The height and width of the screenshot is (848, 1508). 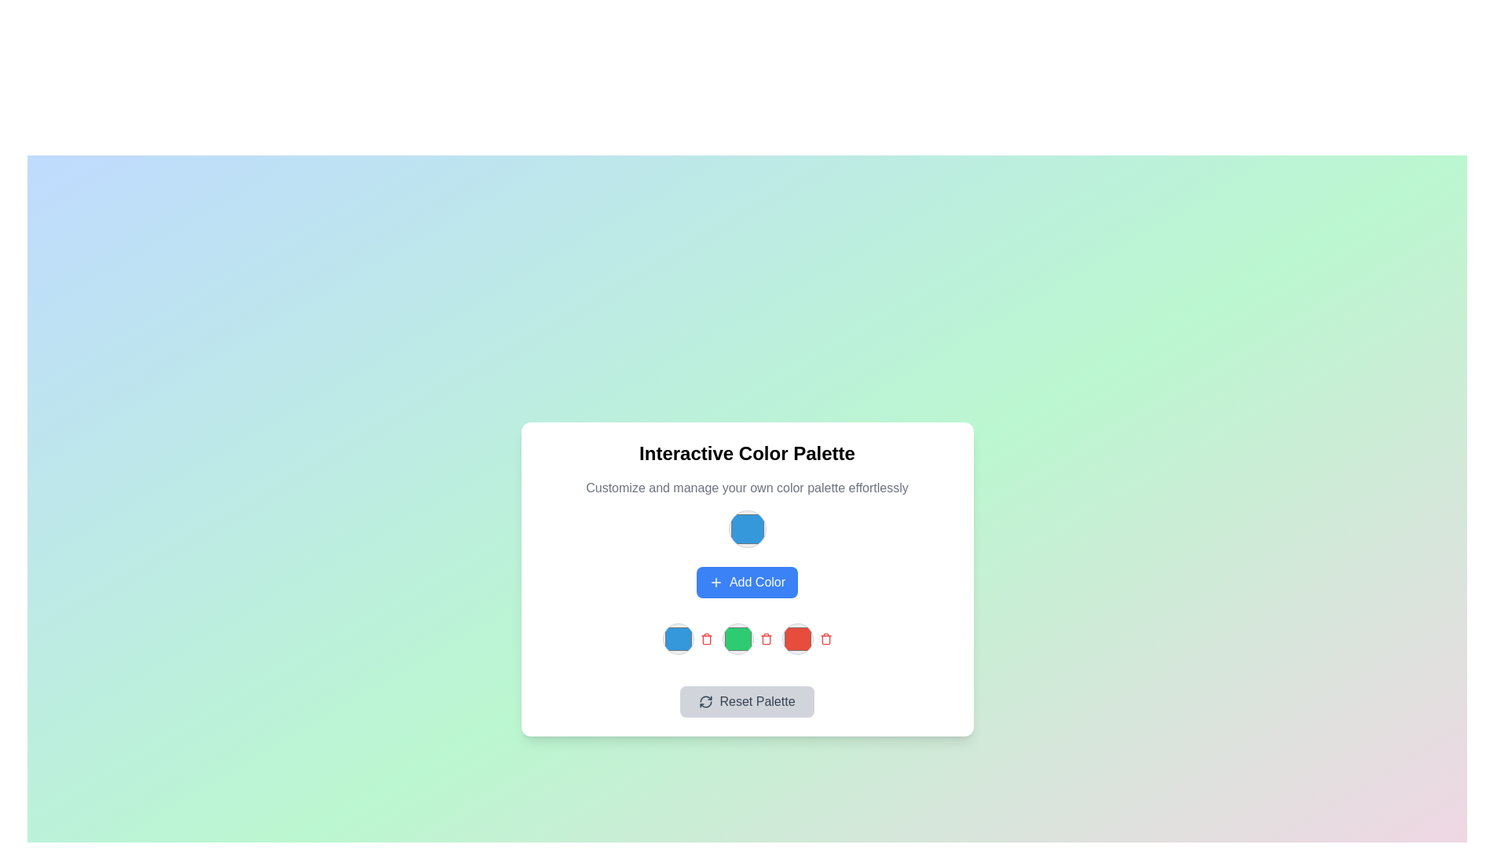 What do you see at coordinates (746, 579) in the screenshot?
I see `the color selection button within the Interactive Color Palette, which is a white rectangular box with rounded corners and a shadow effect` at bounding box center [746, 579].